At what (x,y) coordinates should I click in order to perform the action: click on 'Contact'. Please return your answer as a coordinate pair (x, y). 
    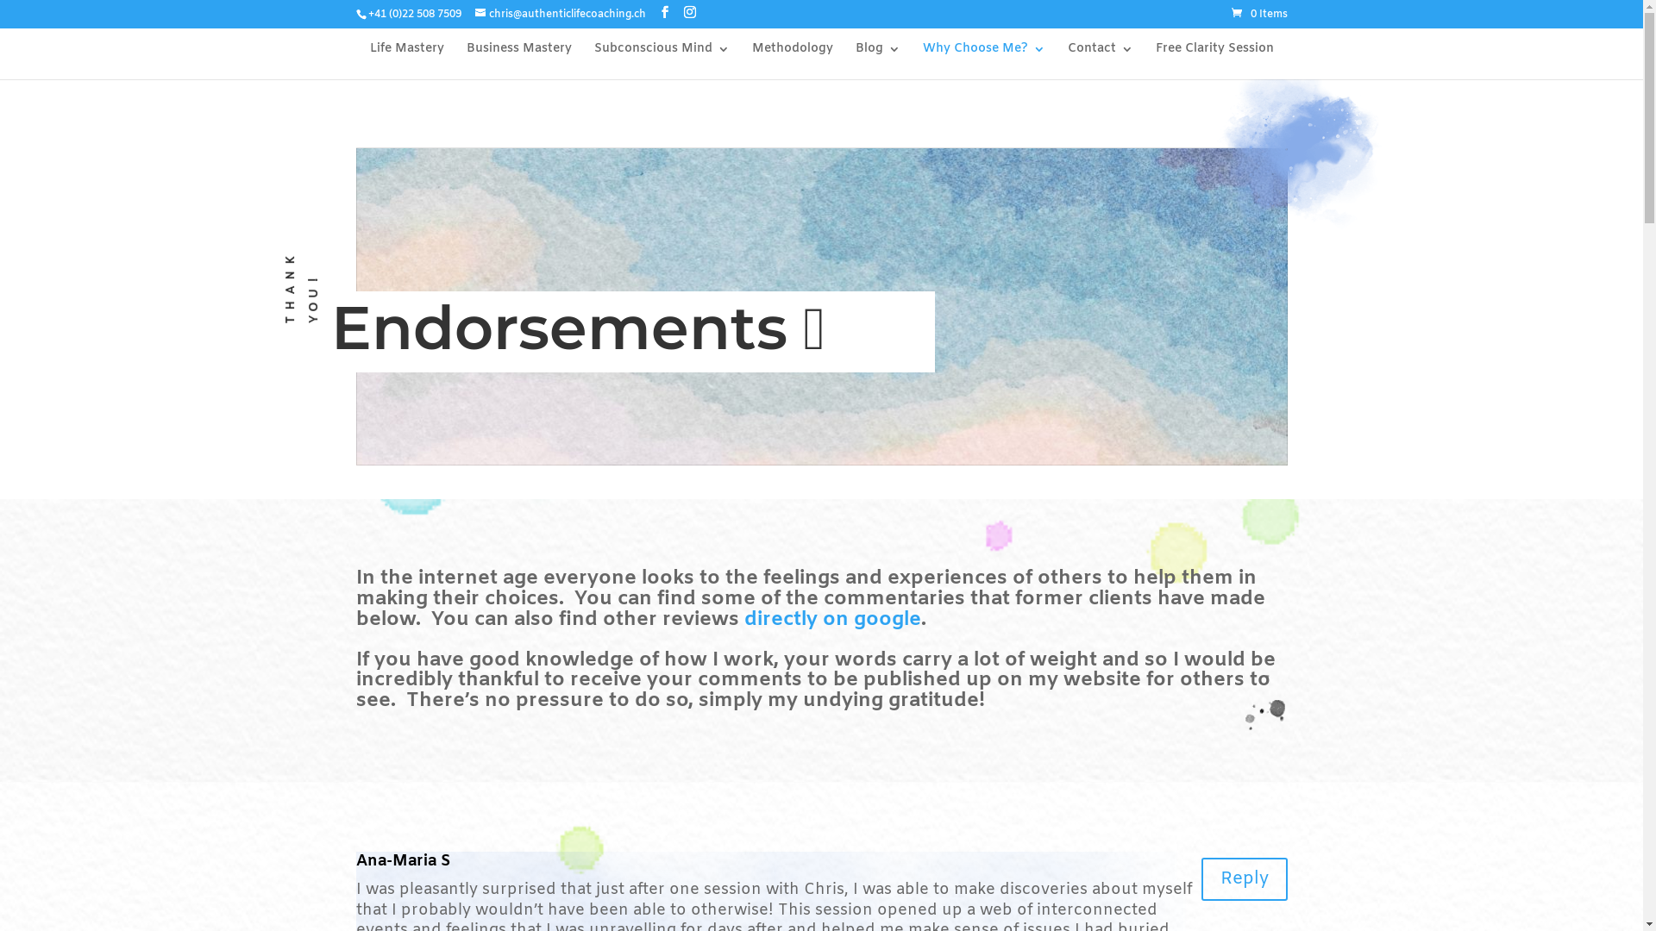
    Looking at the image, I should click on (1100, 59).